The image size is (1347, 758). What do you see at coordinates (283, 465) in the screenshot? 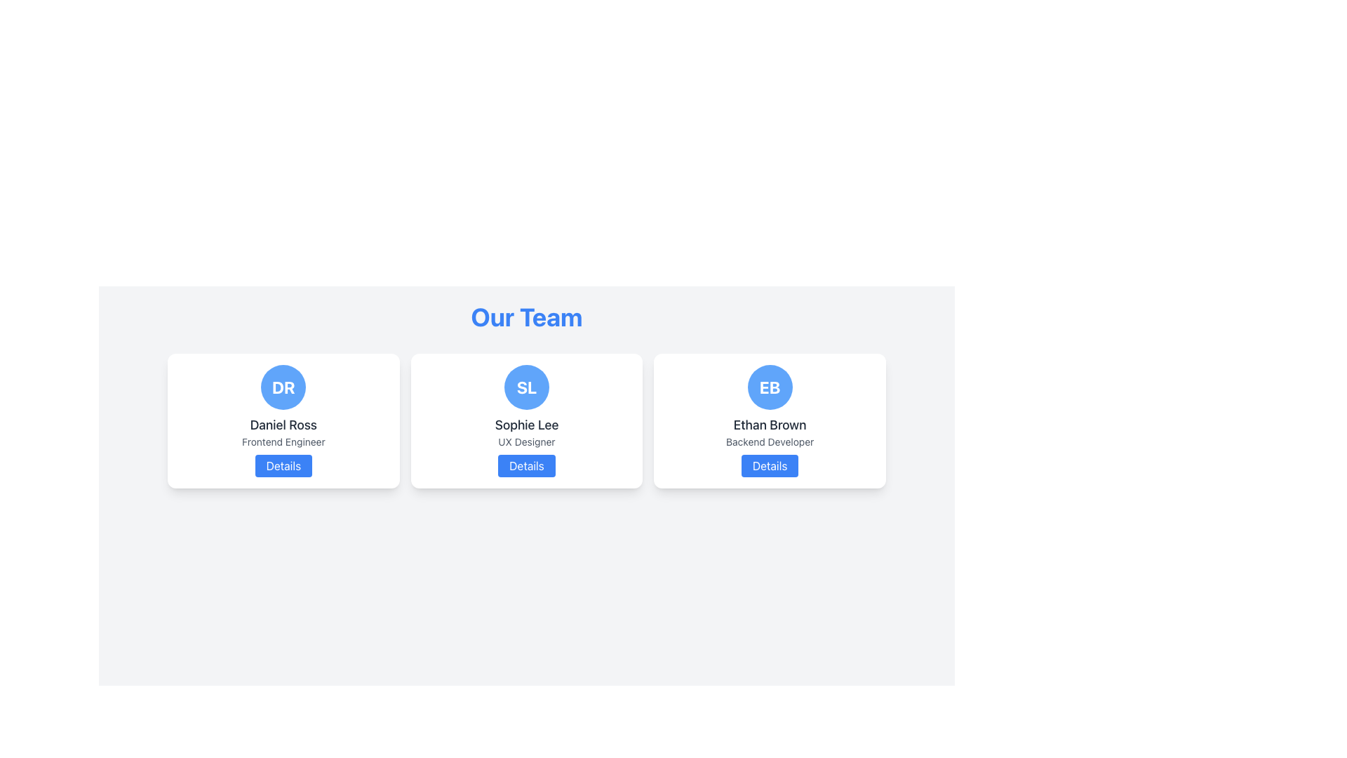
I see `the rectangular button with a blue background and white text reading 'Details' located below the role description of 'Frontend Engineer' for Daniel Ross` at bounding box center [283, 465].